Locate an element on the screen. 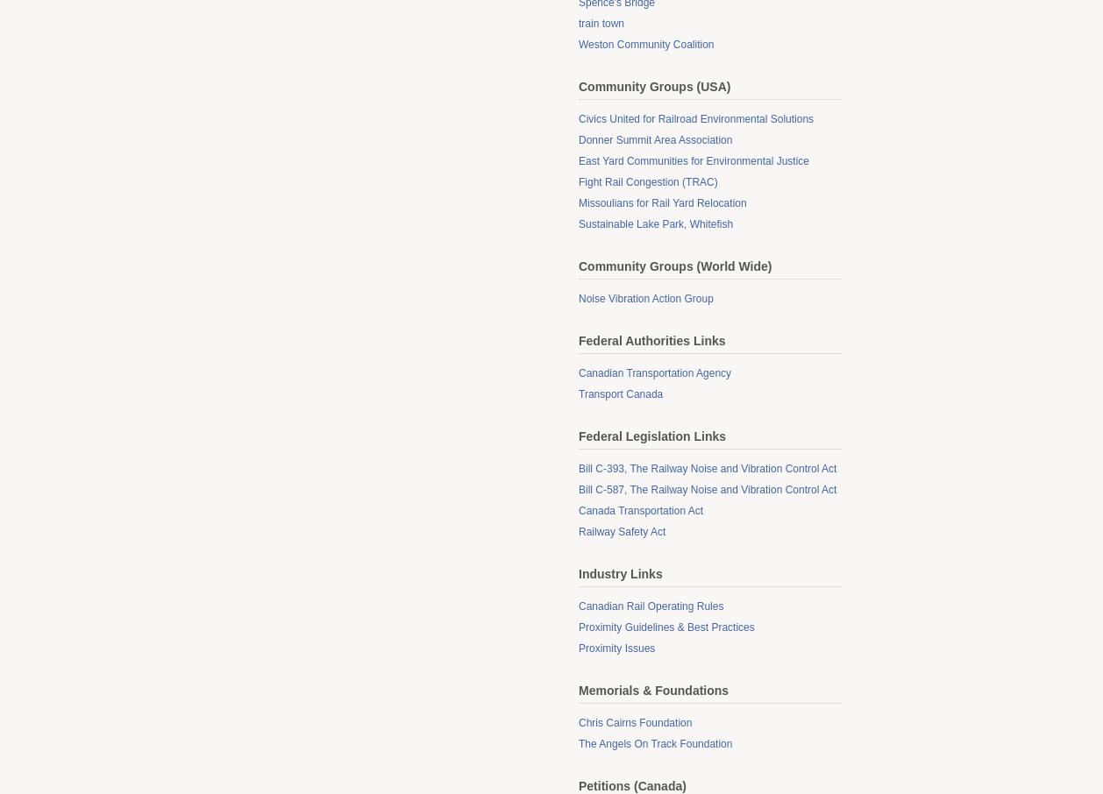 This screenshot has height=794, width=1103. 'Bill C-587, The Railway Noise and Vibration Control Act' is located at coordinates (578, 489).